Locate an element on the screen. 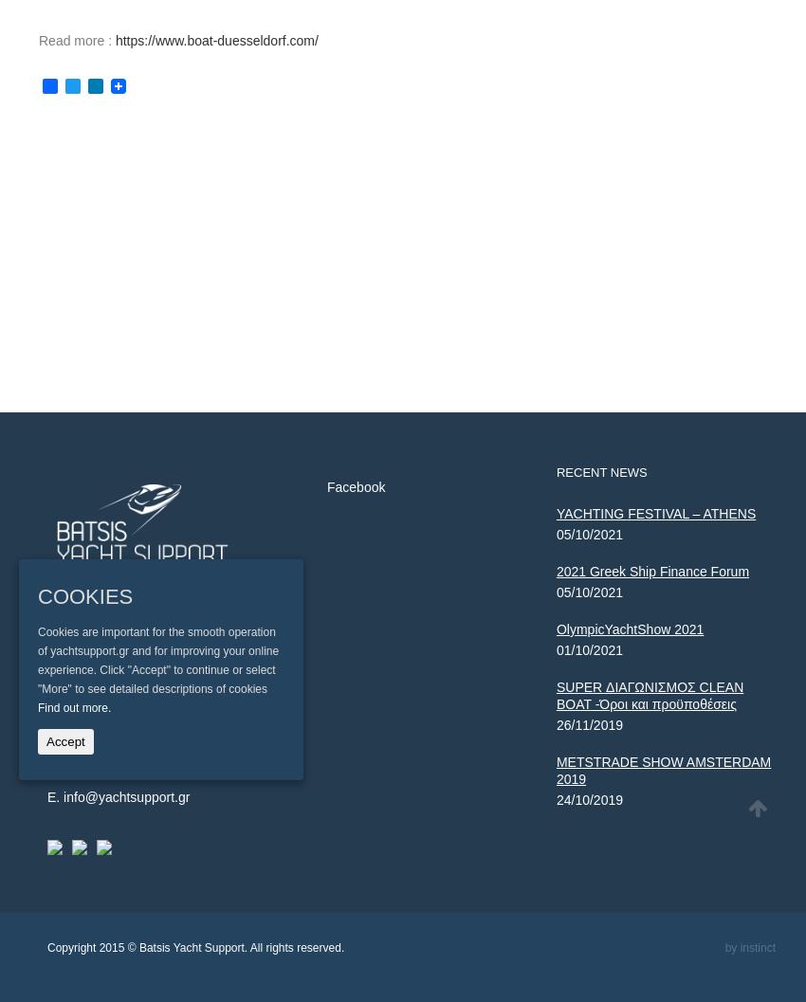  'YACHTING FESTIVAL – ATHENS' is located at coordinates (555, 513).